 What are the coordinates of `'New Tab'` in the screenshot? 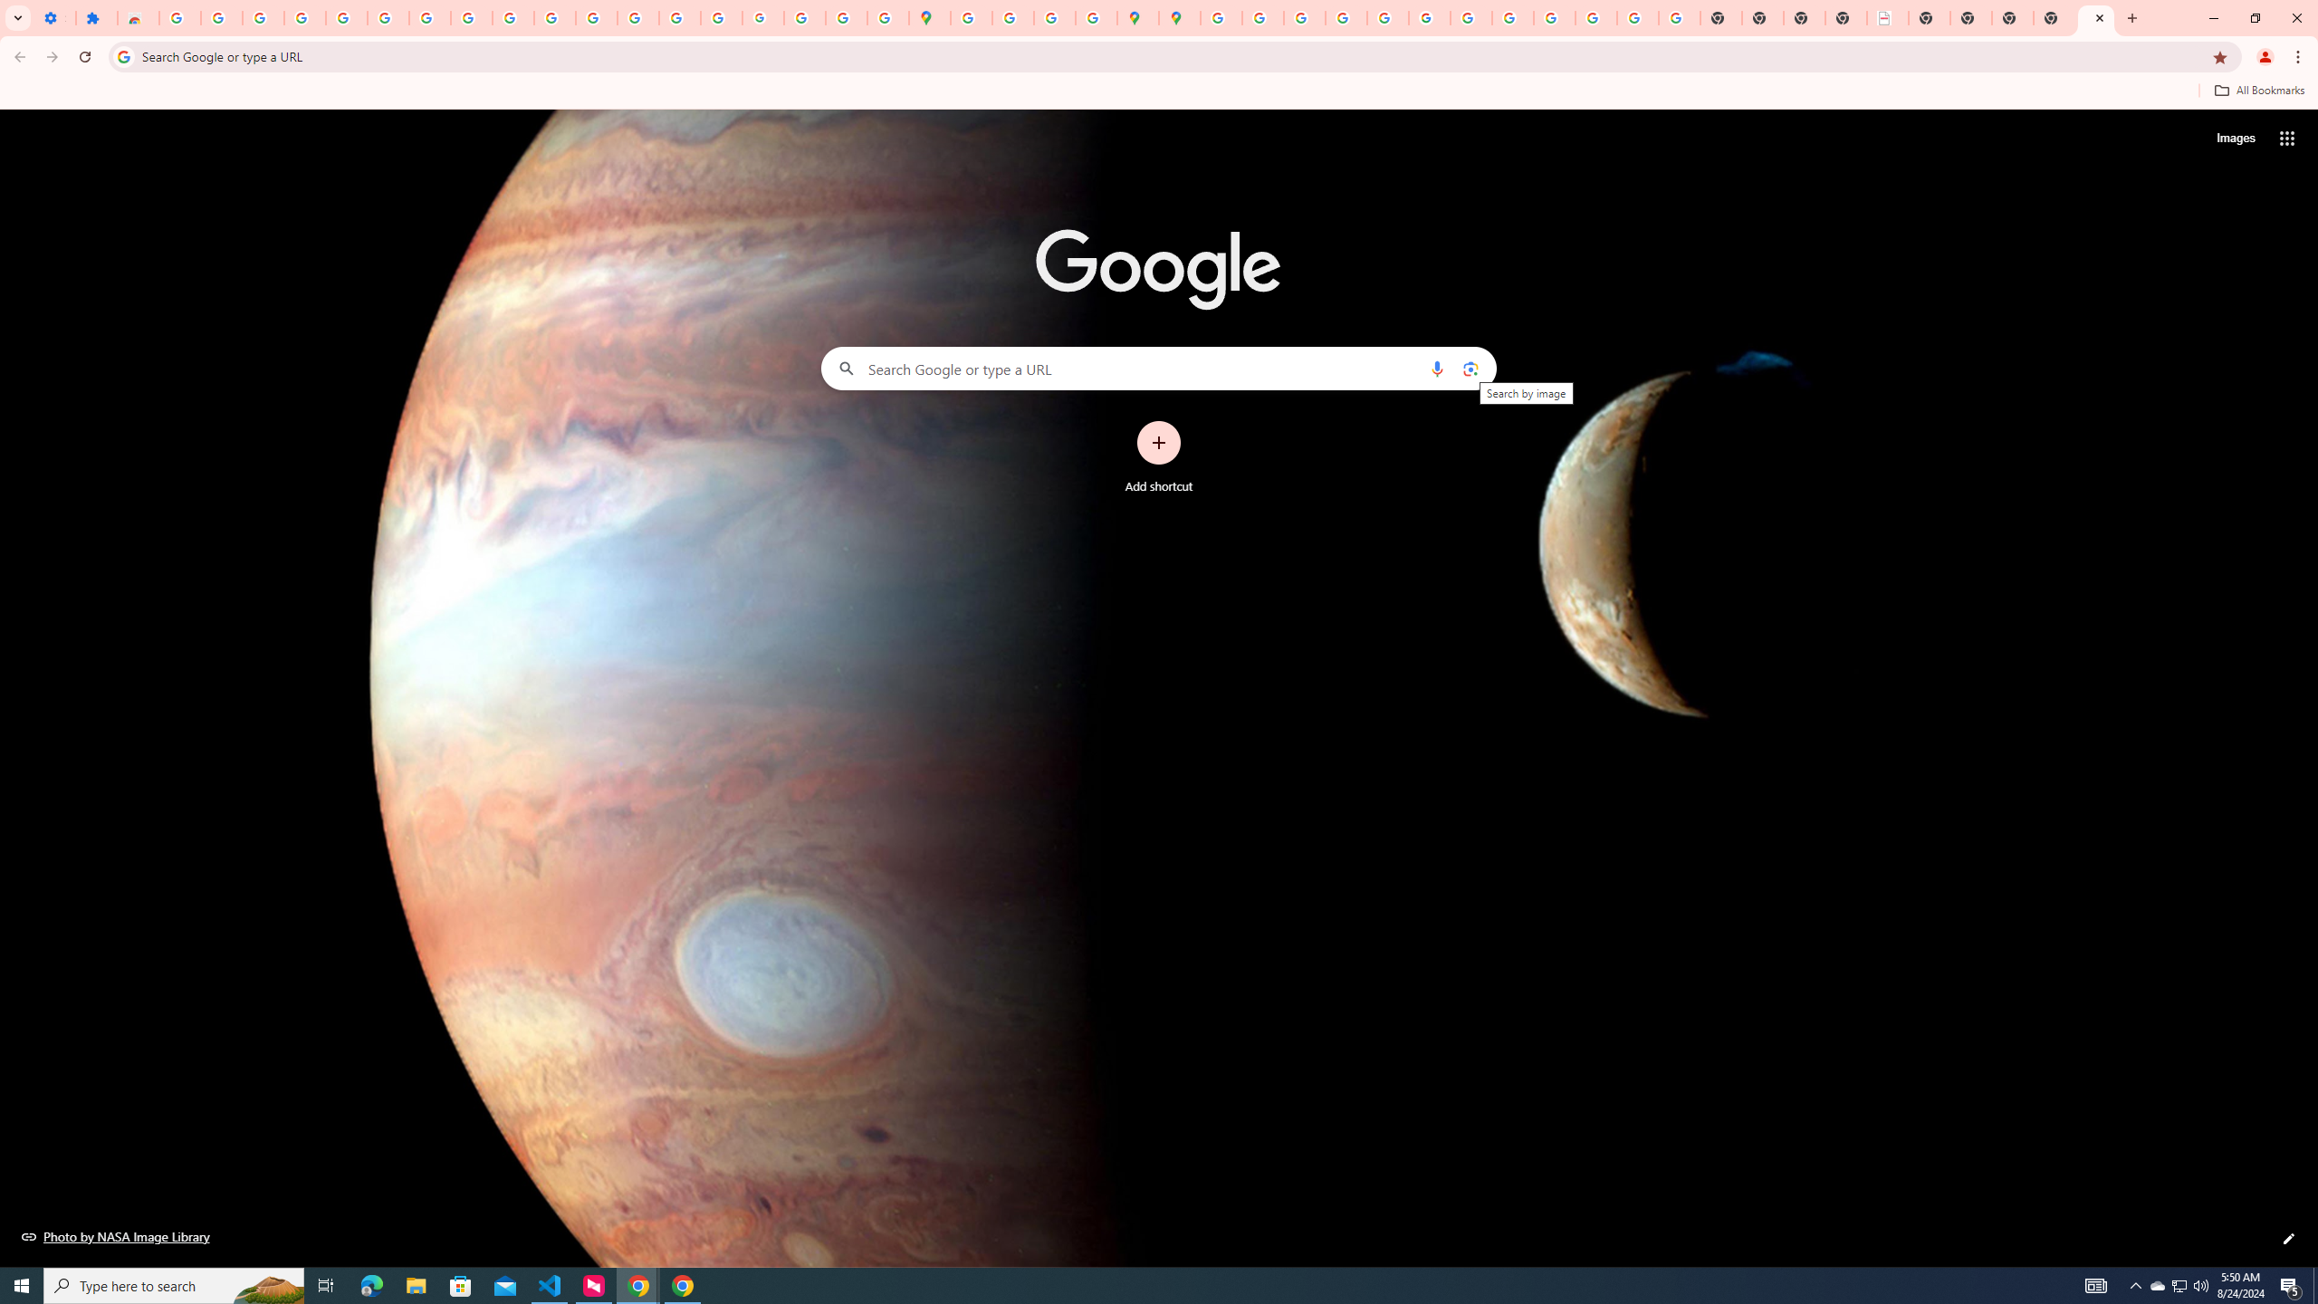 It's located at (2054, 17).